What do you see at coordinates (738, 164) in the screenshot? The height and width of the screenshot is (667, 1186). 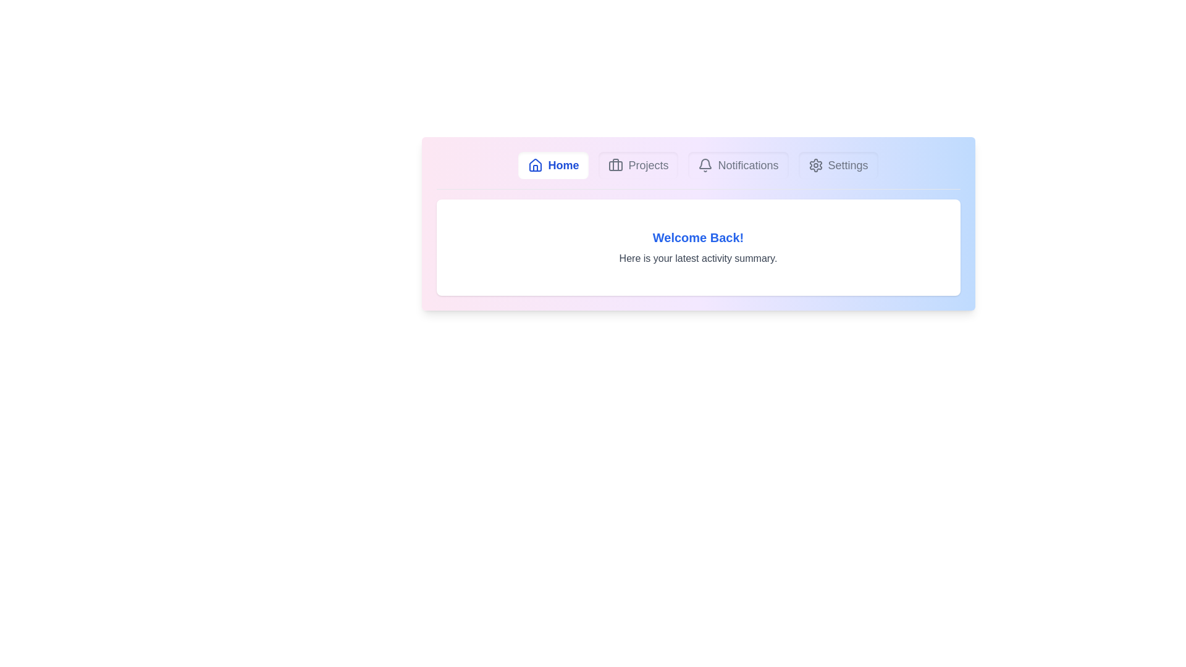 I see `the tab labeled Notifications to observe visual feedback` at bounding box center [738, 164].